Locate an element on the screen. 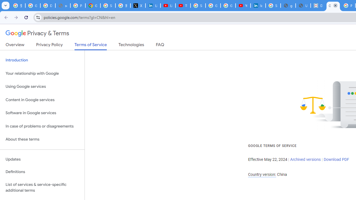 The height and width of the screenshot is (200, 356). 'Archived versions' is located at coordinates (305, 159).